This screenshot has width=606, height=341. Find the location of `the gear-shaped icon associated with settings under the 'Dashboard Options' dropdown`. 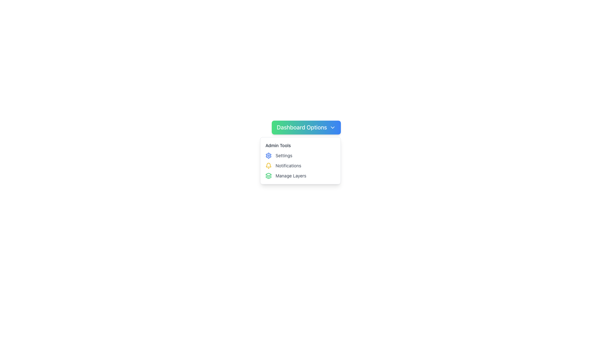

the gear-shaped icon associated with settings under the 'Dashboard Options' dropdown is located at coordinates (268, 156).